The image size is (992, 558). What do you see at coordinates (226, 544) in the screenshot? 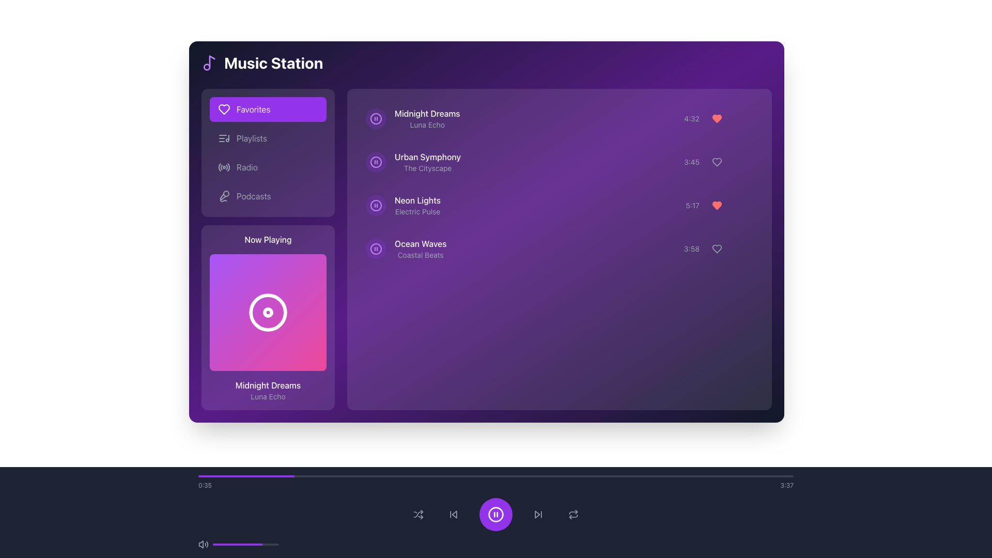
I see `the slider value` at bounding box center [226, 544].